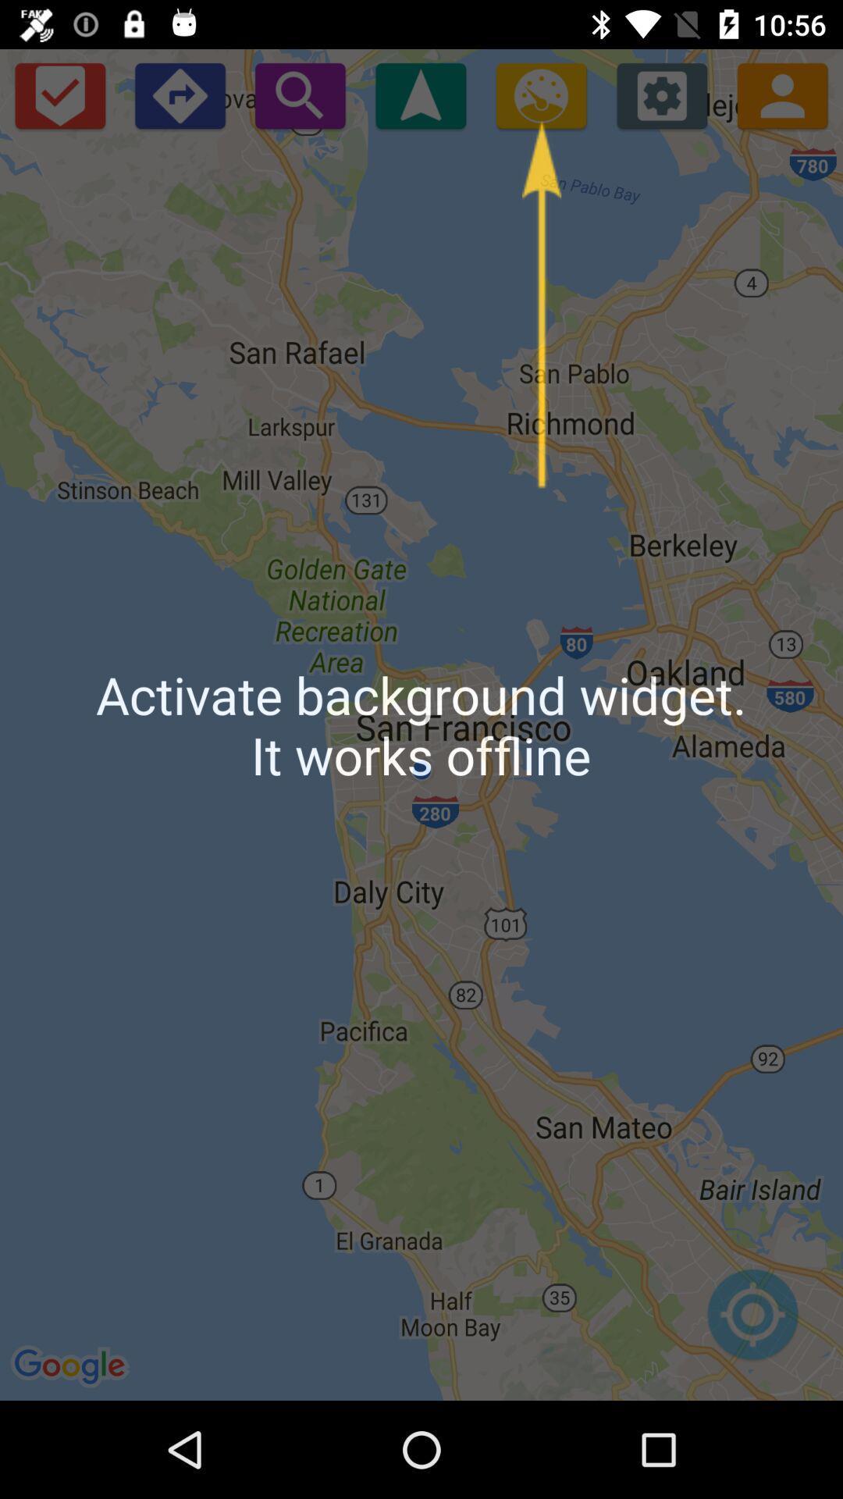 This screenshot has height=1499, width=843. Describe the element at coordinates (752, 1322) in the screenshot. I see `the location_crosshair icon` at that location.